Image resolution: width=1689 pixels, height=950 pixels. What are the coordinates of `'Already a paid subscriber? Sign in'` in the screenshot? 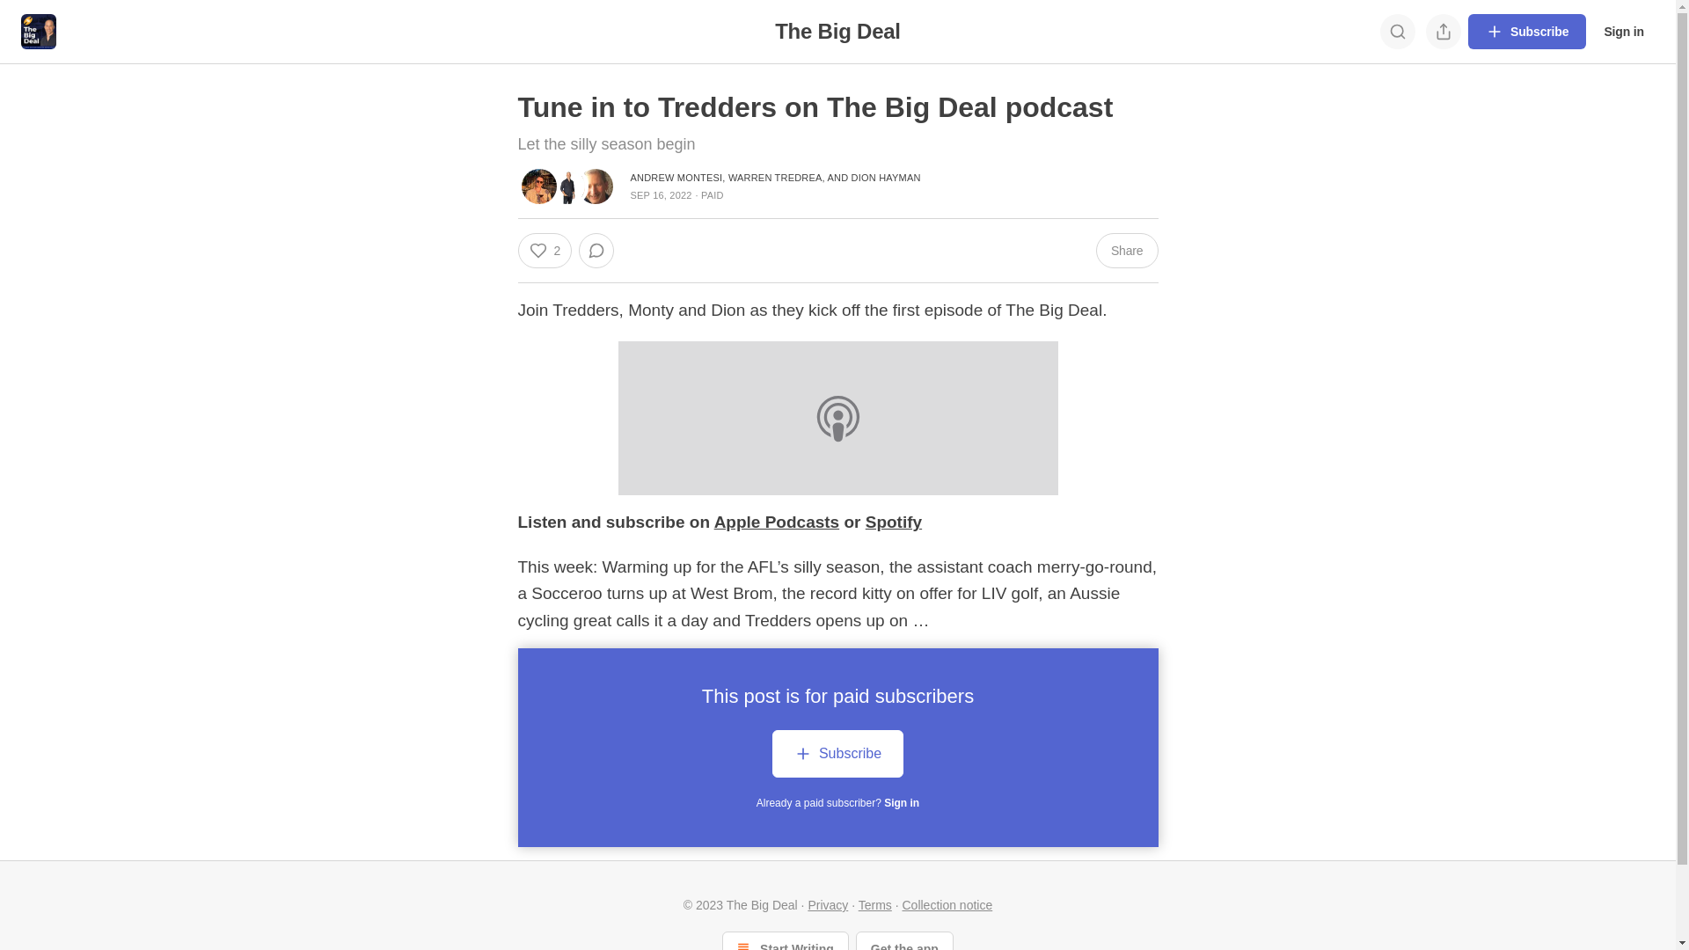 It's located at (837, 803).